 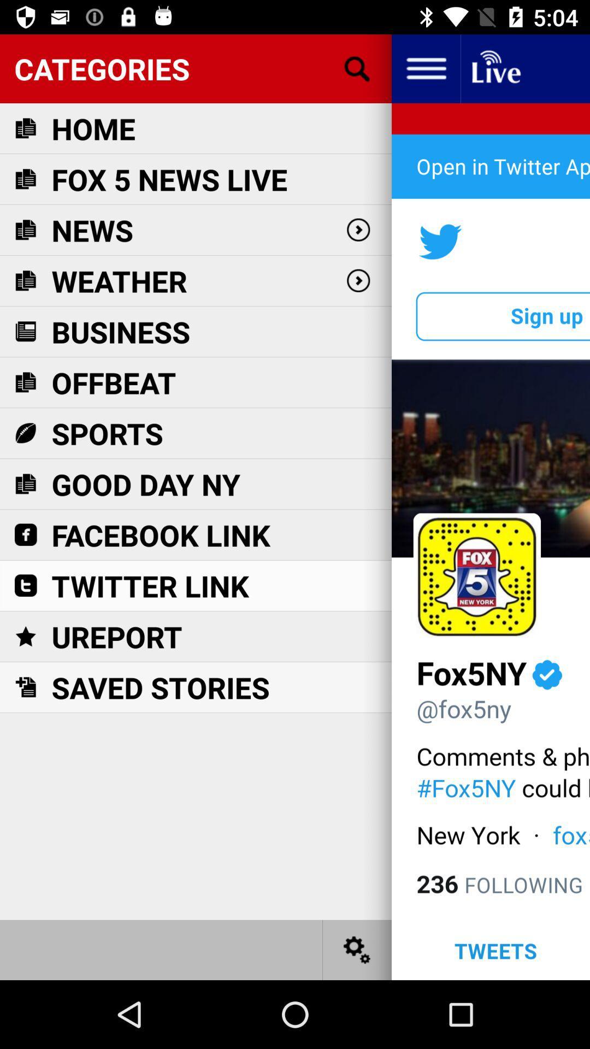 What do you see at coordinates (357, 68) in the screenshot?
I see `open search bar` at bounding box center [357, 68].